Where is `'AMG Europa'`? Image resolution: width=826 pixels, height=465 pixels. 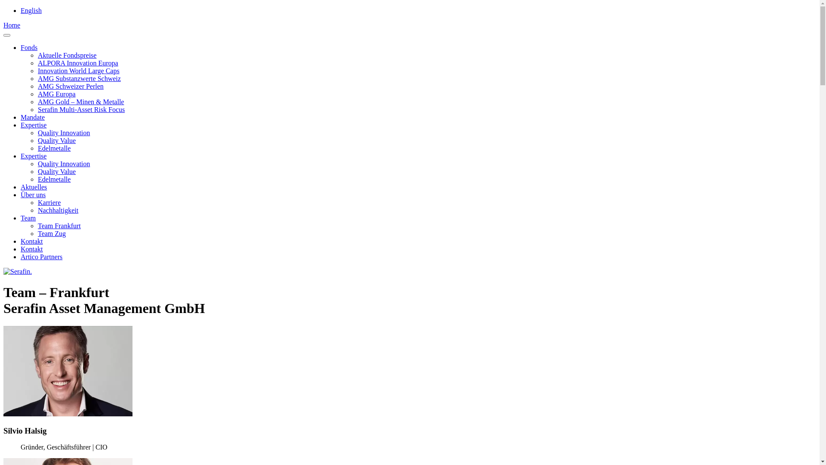 'AMG Europa' is located at coordinates (56, 94).